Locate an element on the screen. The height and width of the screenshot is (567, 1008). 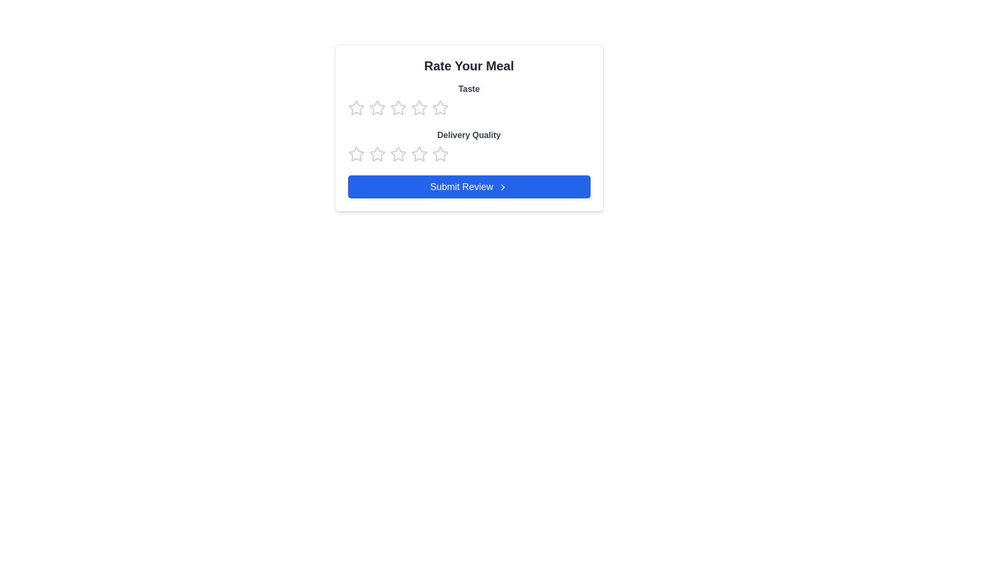
the second star-shaped interactive icon with a gray outline and a white fill, located below the 'Taste' text in the 'Rate Your Meal' section is located at coordinates (397, 108).